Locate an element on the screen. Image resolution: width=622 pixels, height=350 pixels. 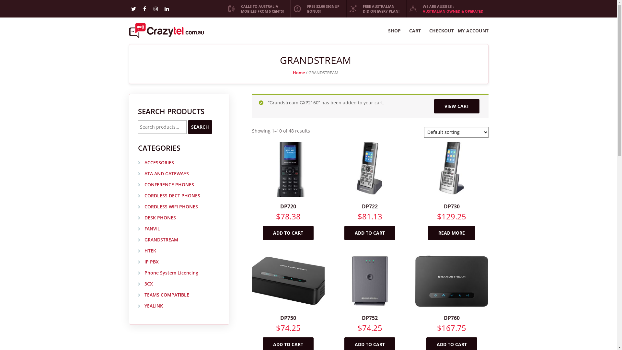
'ATA AND GATEWAYS' is located at coordinates (138, 173).